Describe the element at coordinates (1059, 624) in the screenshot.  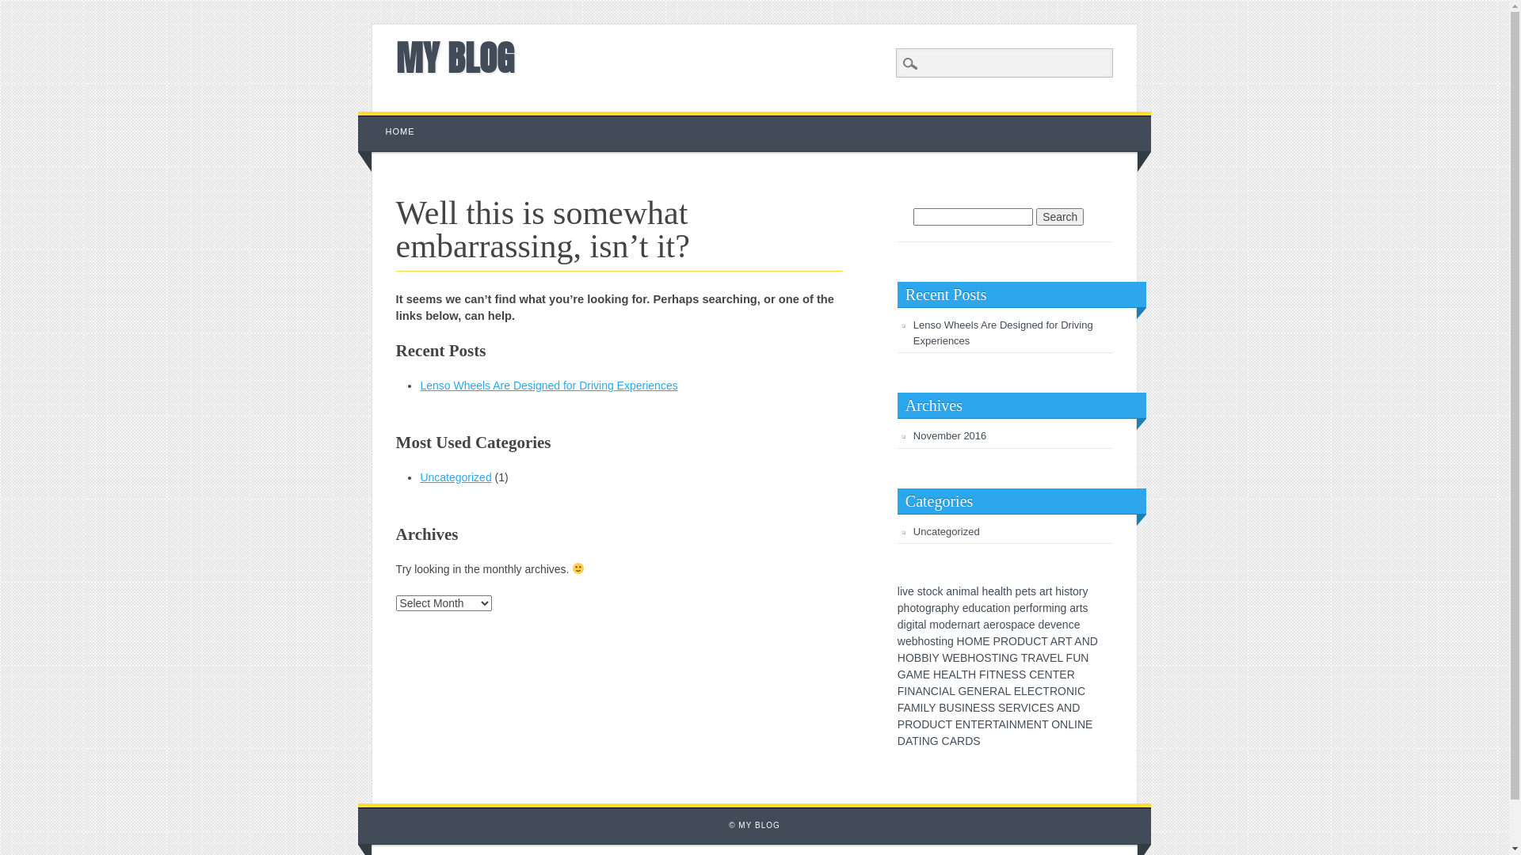
I see `'e'` at that location.